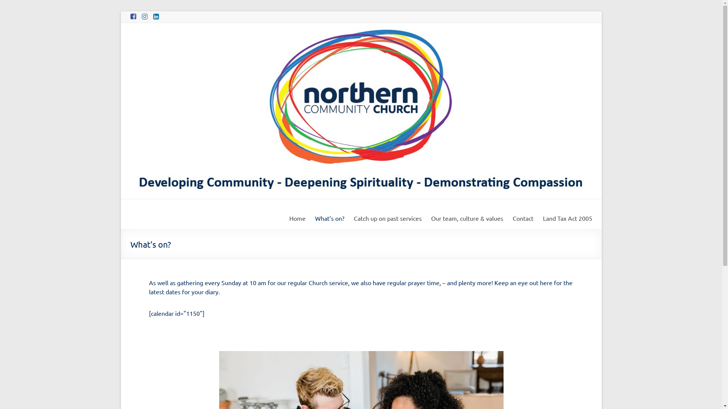 This screenshot has height=409, width=728. I want to click on 'Our team, culture & values', so click(431, 218).